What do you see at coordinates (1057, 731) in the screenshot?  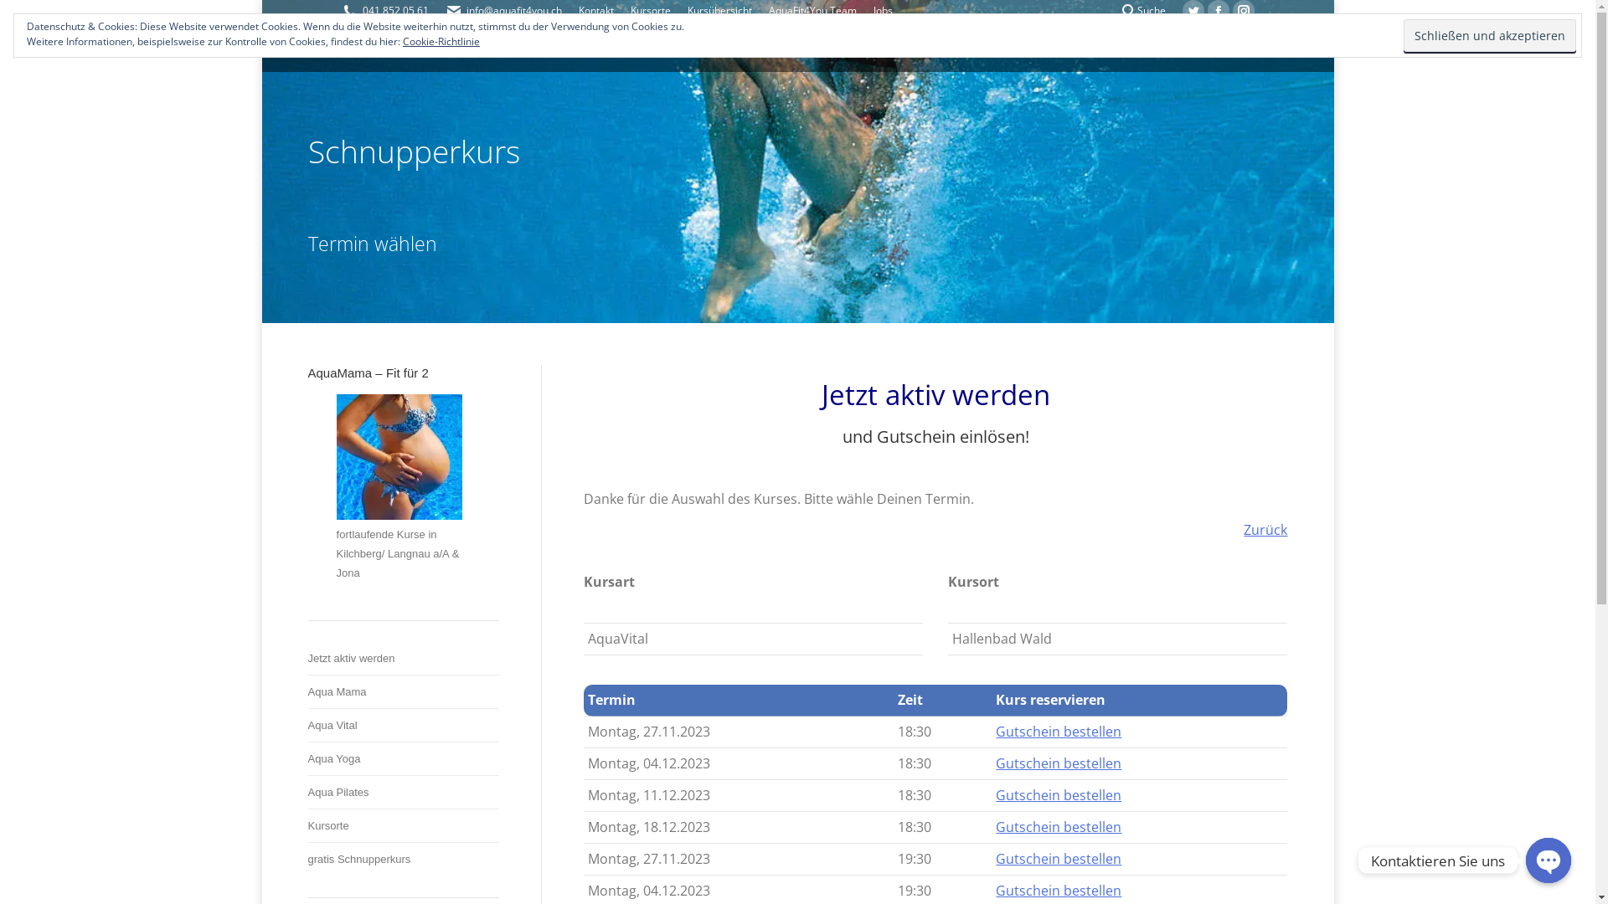 I see `'Gutschein bestellen'` at bounding box center [1057, 731].